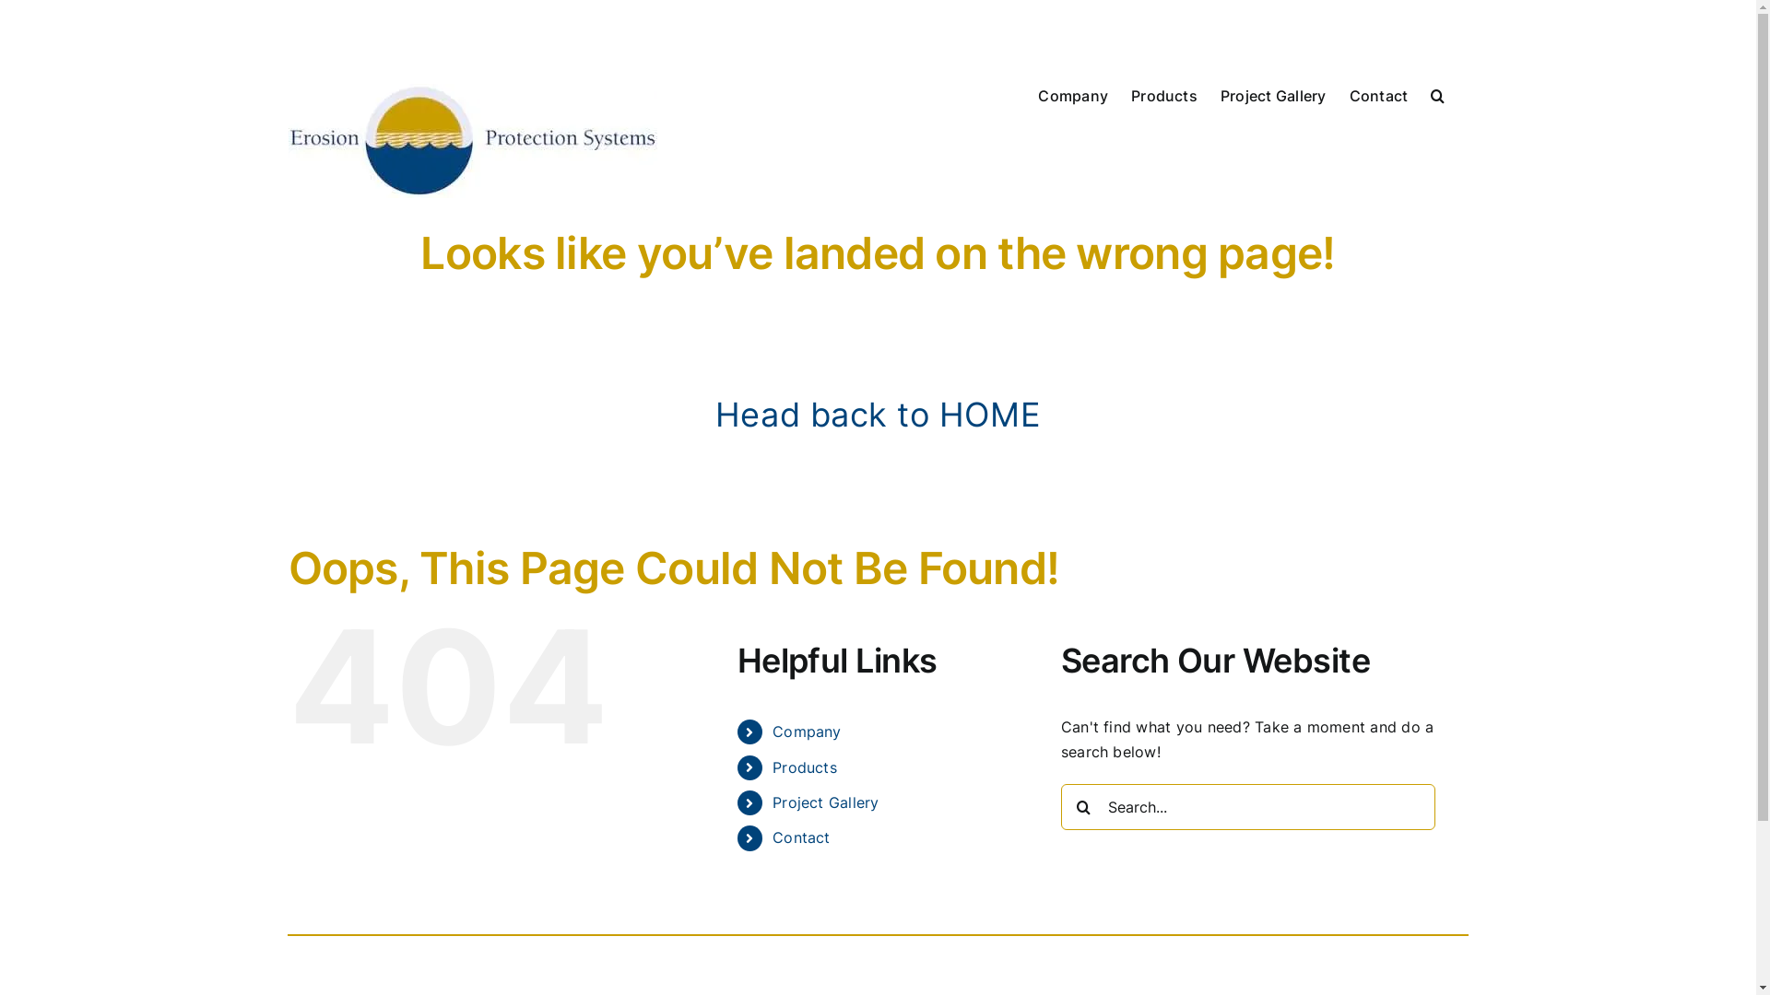  Describe the element at coordinates (1436, 93) in the screenshot. I see `'Search'` at that location.